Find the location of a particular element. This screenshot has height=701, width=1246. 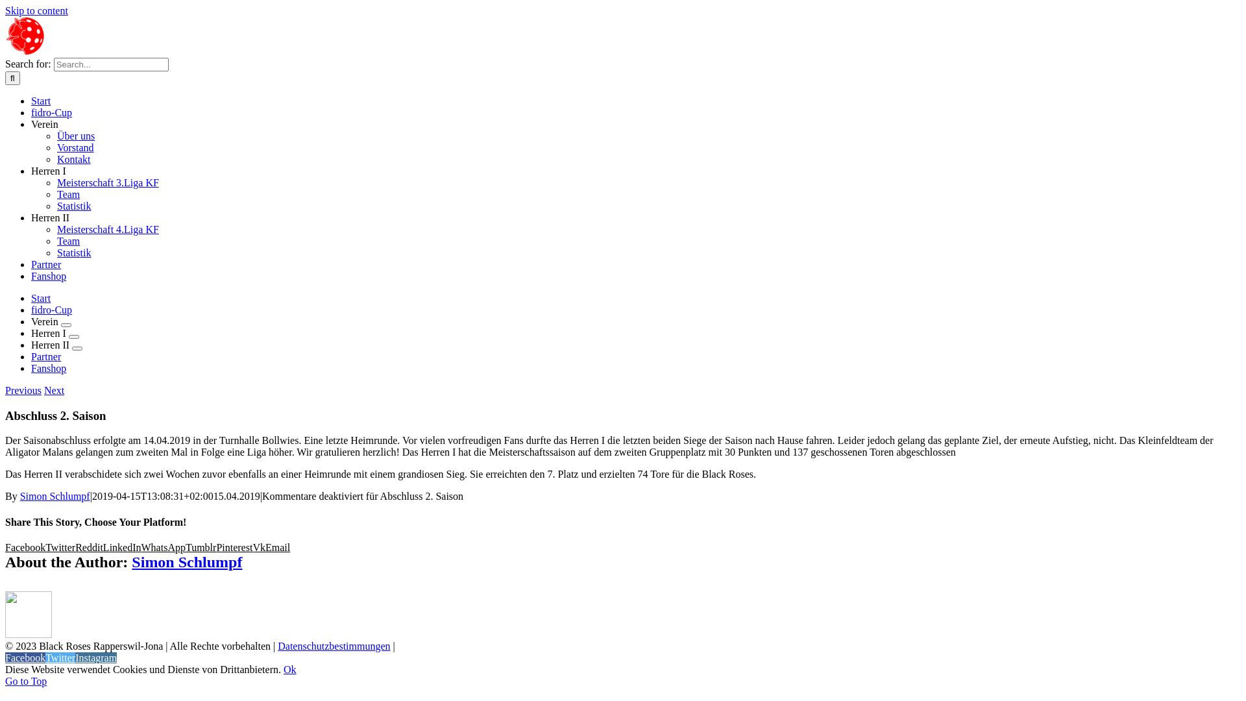

'Verein' is located at coordinates (46, 321).